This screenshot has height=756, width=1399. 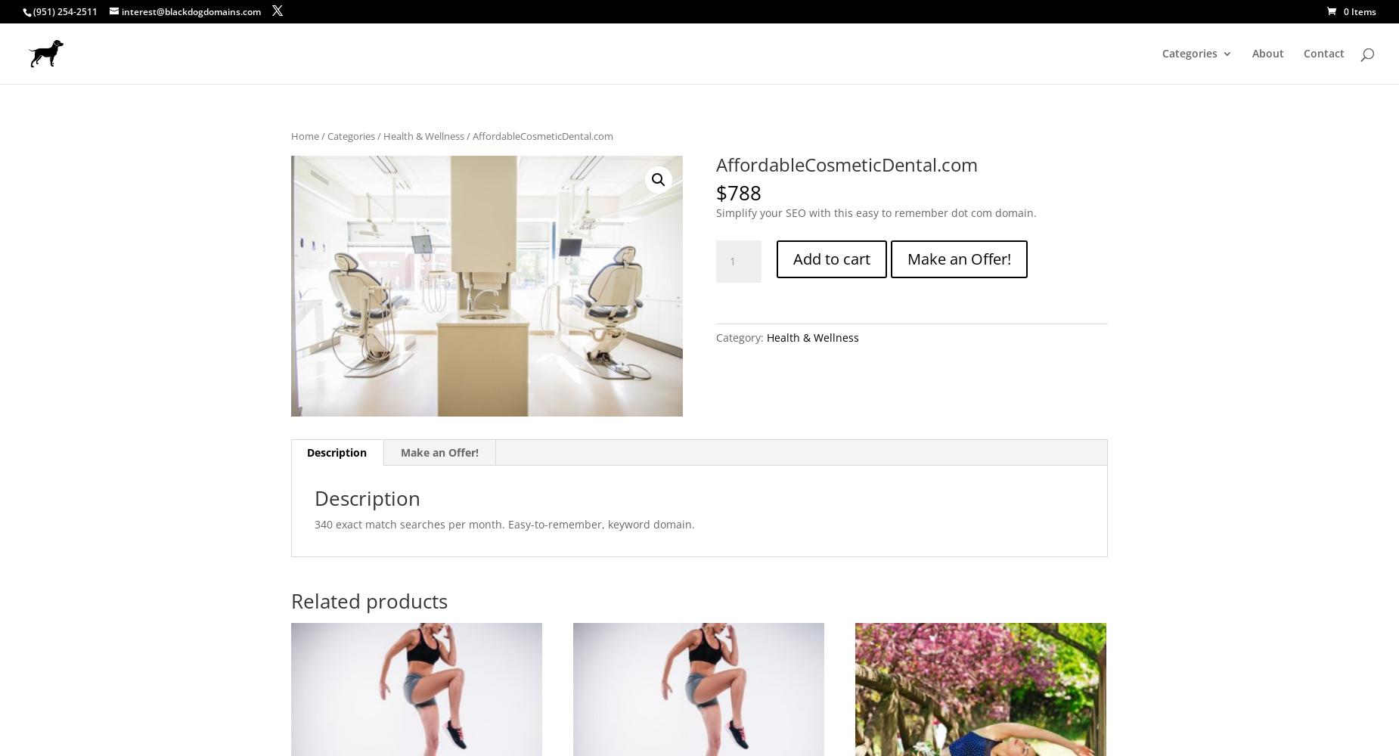 I want to click on 'Category:', so click(x=740, y=336).